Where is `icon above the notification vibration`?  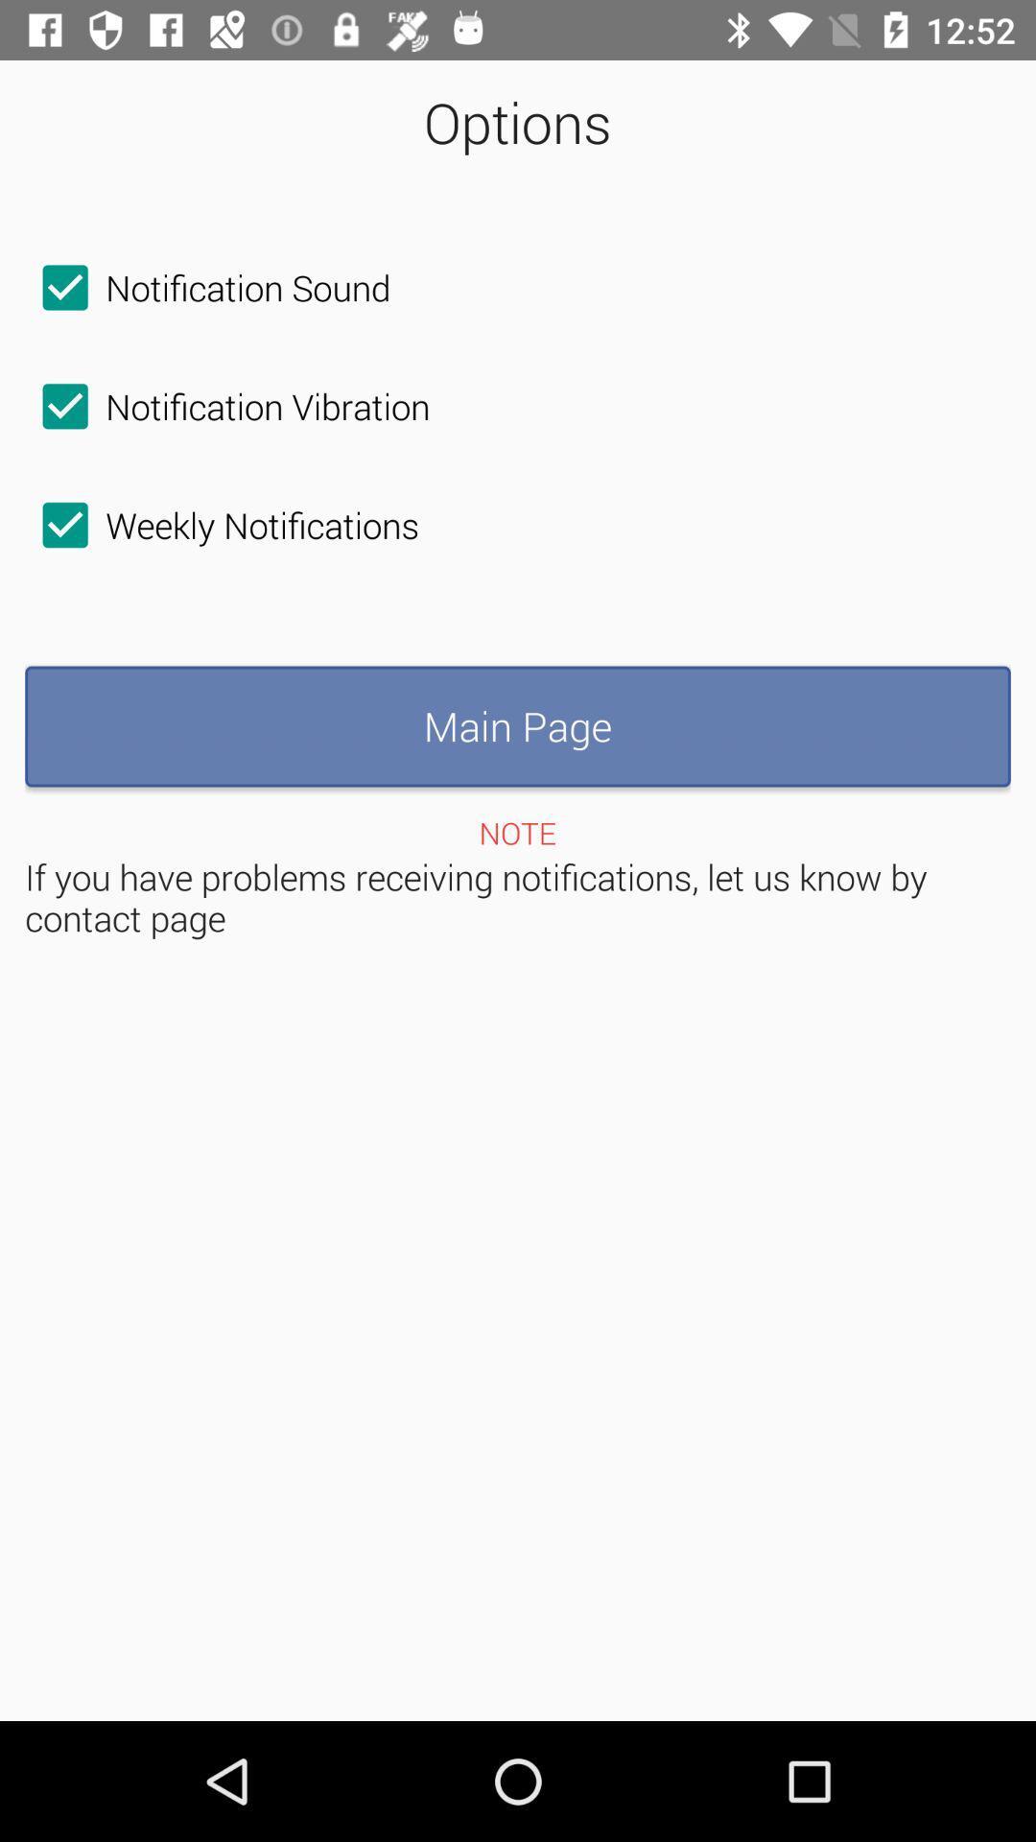 icon above the notification vibration is located at coordinates (207, 286).